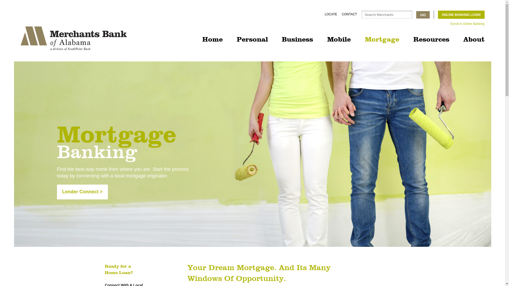  Describe the element at coordinates (461, 14) in the screenshot. I see `'ONLINE BANKING LOGIN'` at that location.